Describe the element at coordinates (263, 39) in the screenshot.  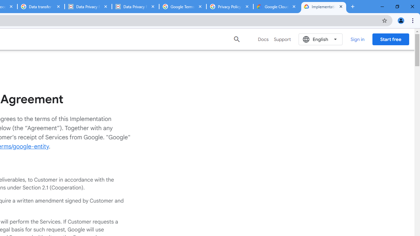
I see `'Docs'` at that location.